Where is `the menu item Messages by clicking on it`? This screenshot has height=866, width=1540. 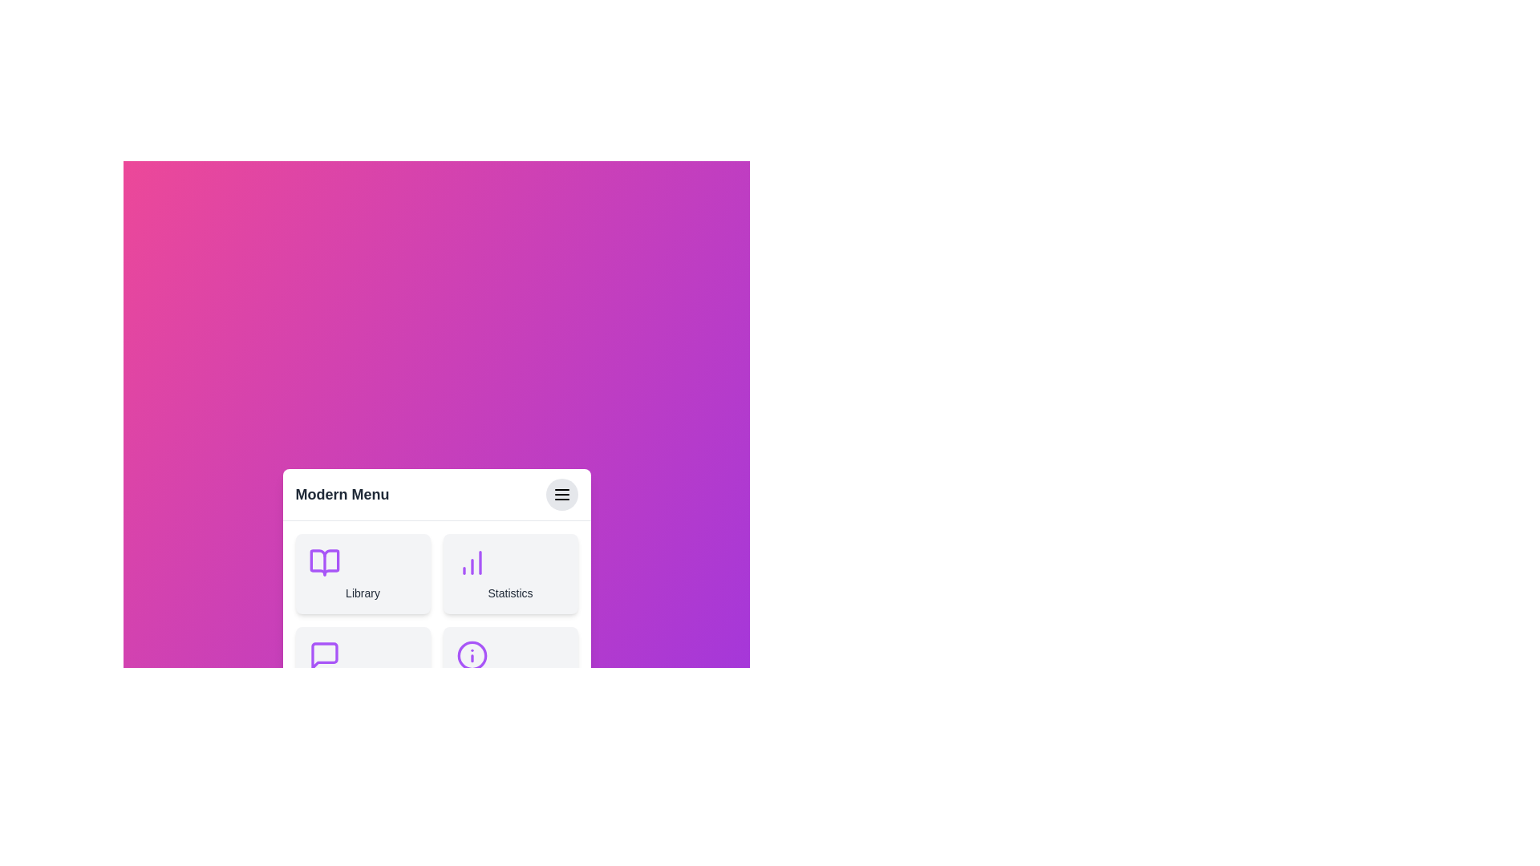
the menu item Messages by clicking on it is located at coordinates (362, 666).